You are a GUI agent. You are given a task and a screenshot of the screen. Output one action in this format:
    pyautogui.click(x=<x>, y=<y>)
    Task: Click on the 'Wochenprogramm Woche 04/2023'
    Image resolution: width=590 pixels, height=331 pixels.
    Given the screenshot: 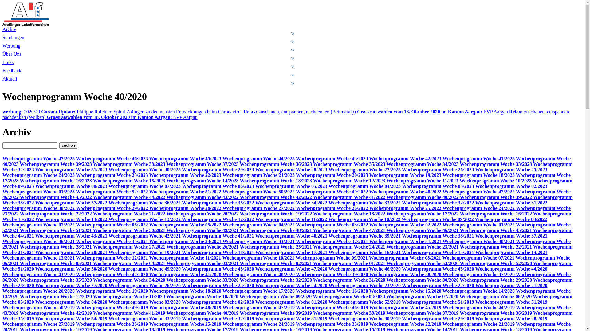 What is the action you would take?
    pyautogui.click(x=365, y=186)
    